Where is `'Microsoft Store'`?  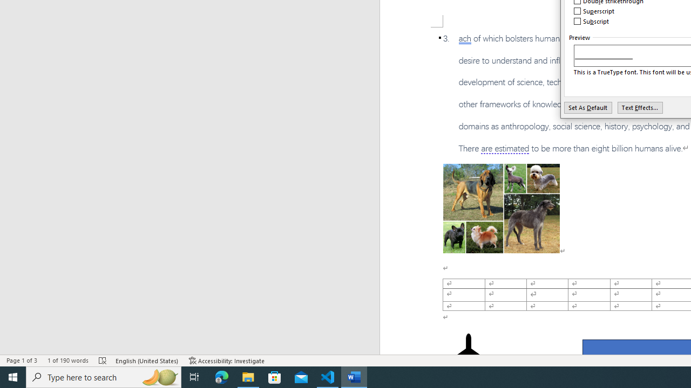 'Microsoft Store' is located at coordinates (275, 376).